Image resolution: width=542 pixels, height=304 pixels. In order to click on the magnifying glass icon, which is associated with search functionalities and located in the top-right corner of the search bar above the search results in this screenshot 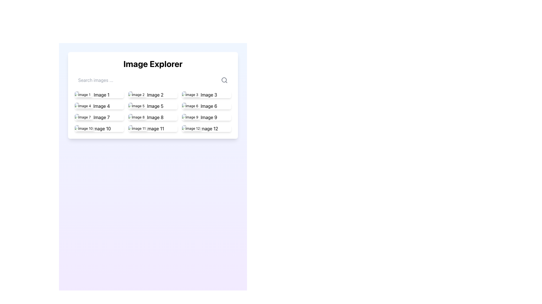, I will do `click(224, 80)`.